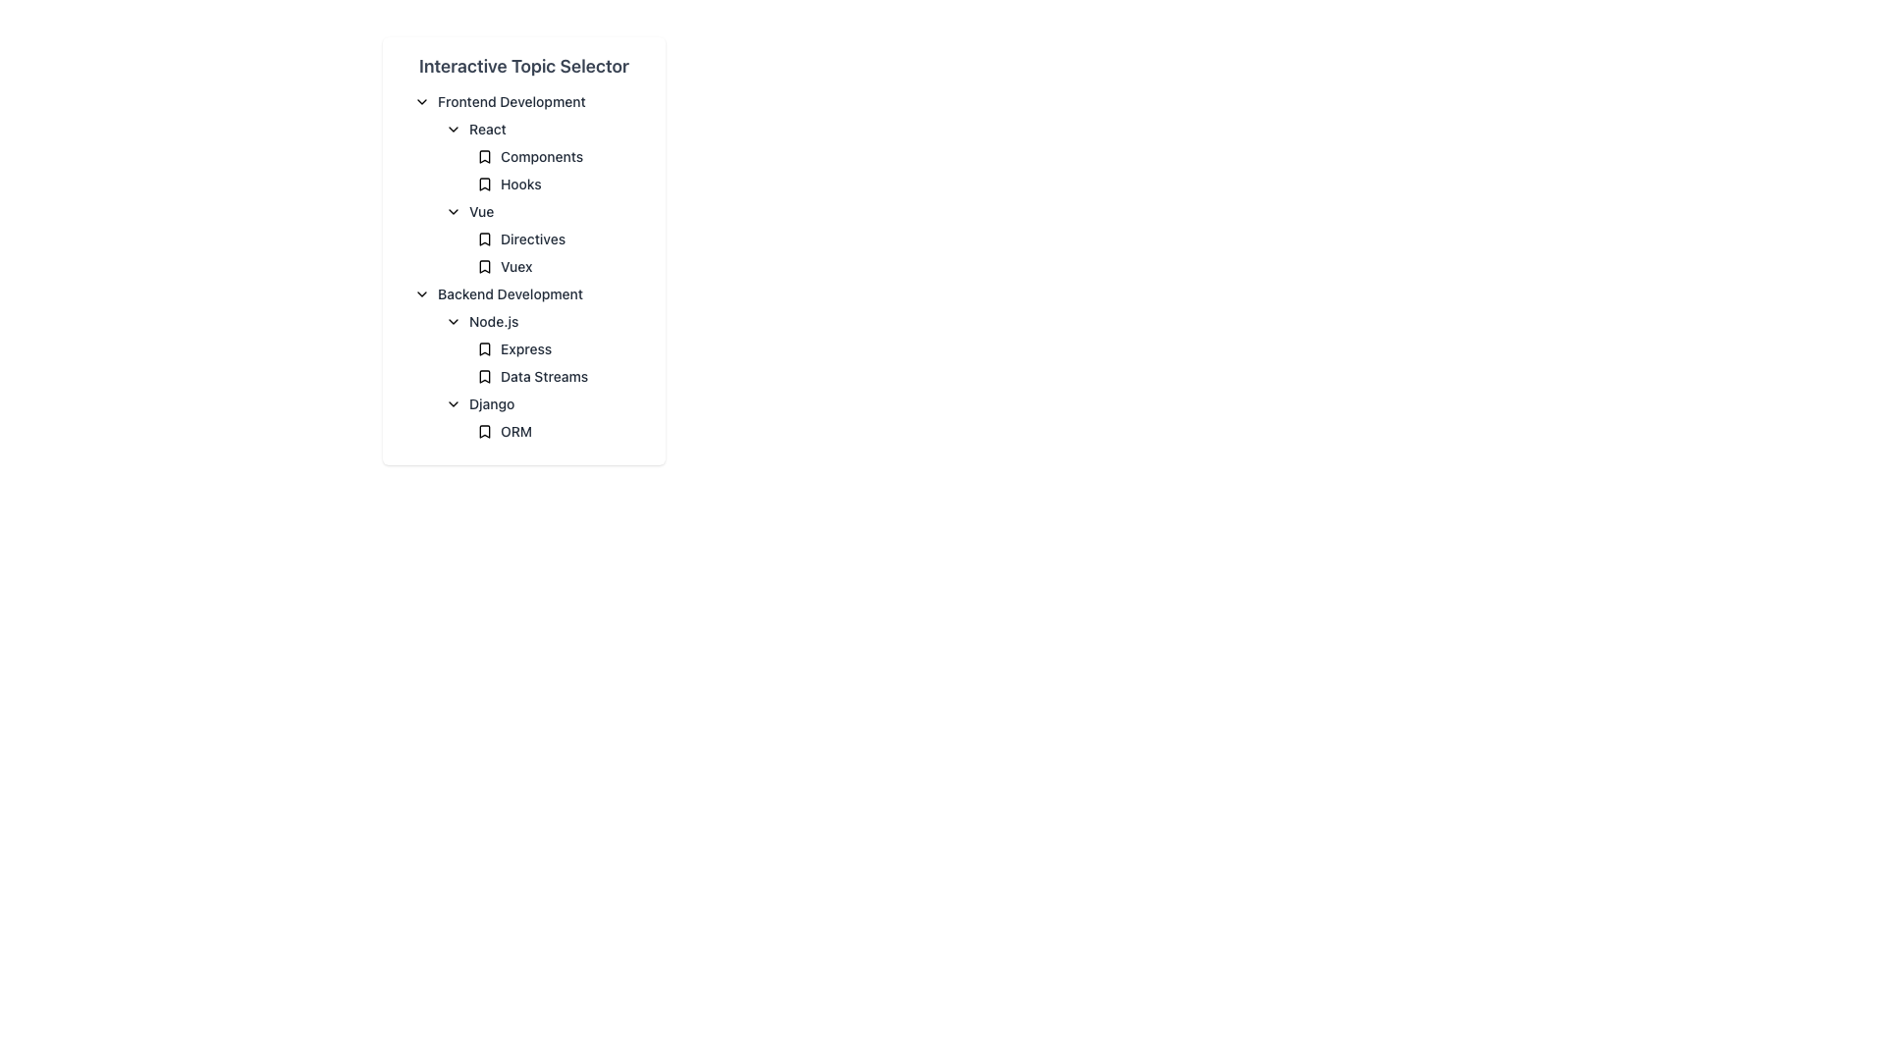  Describe the element at coordinates (452, 212) in the screenshot. I see `the downward-pointing chevron icon located to the left of the text 'Vue' to observe visual changes` at that location.